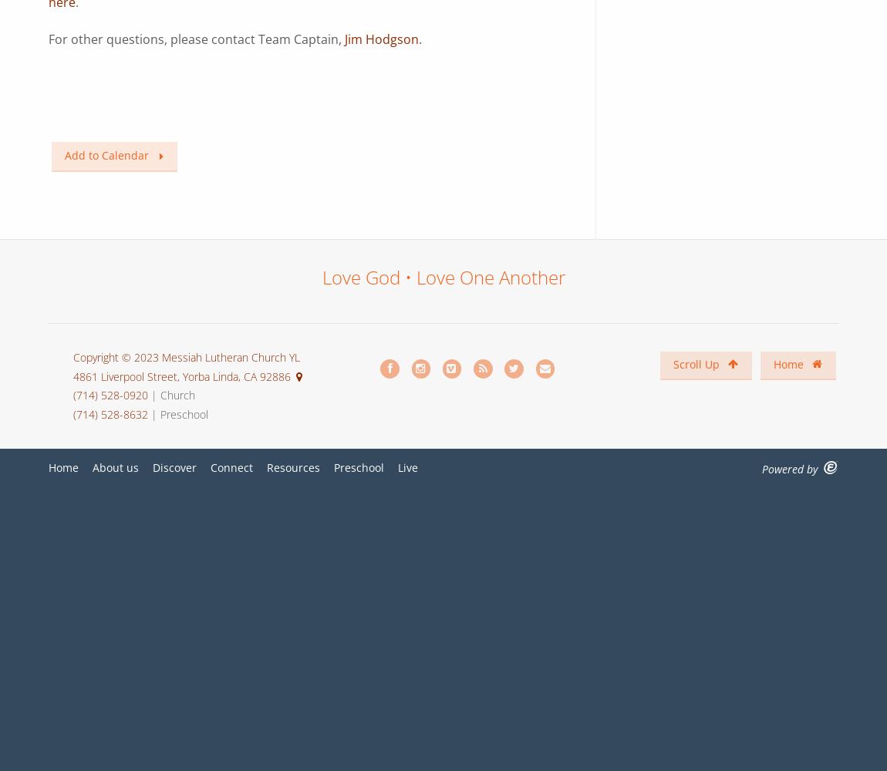 The image size is (887, 771). What do you see at coordinates (114, 466) in the screenshot?
I see `'About us'` at bounding box center [114, 466].